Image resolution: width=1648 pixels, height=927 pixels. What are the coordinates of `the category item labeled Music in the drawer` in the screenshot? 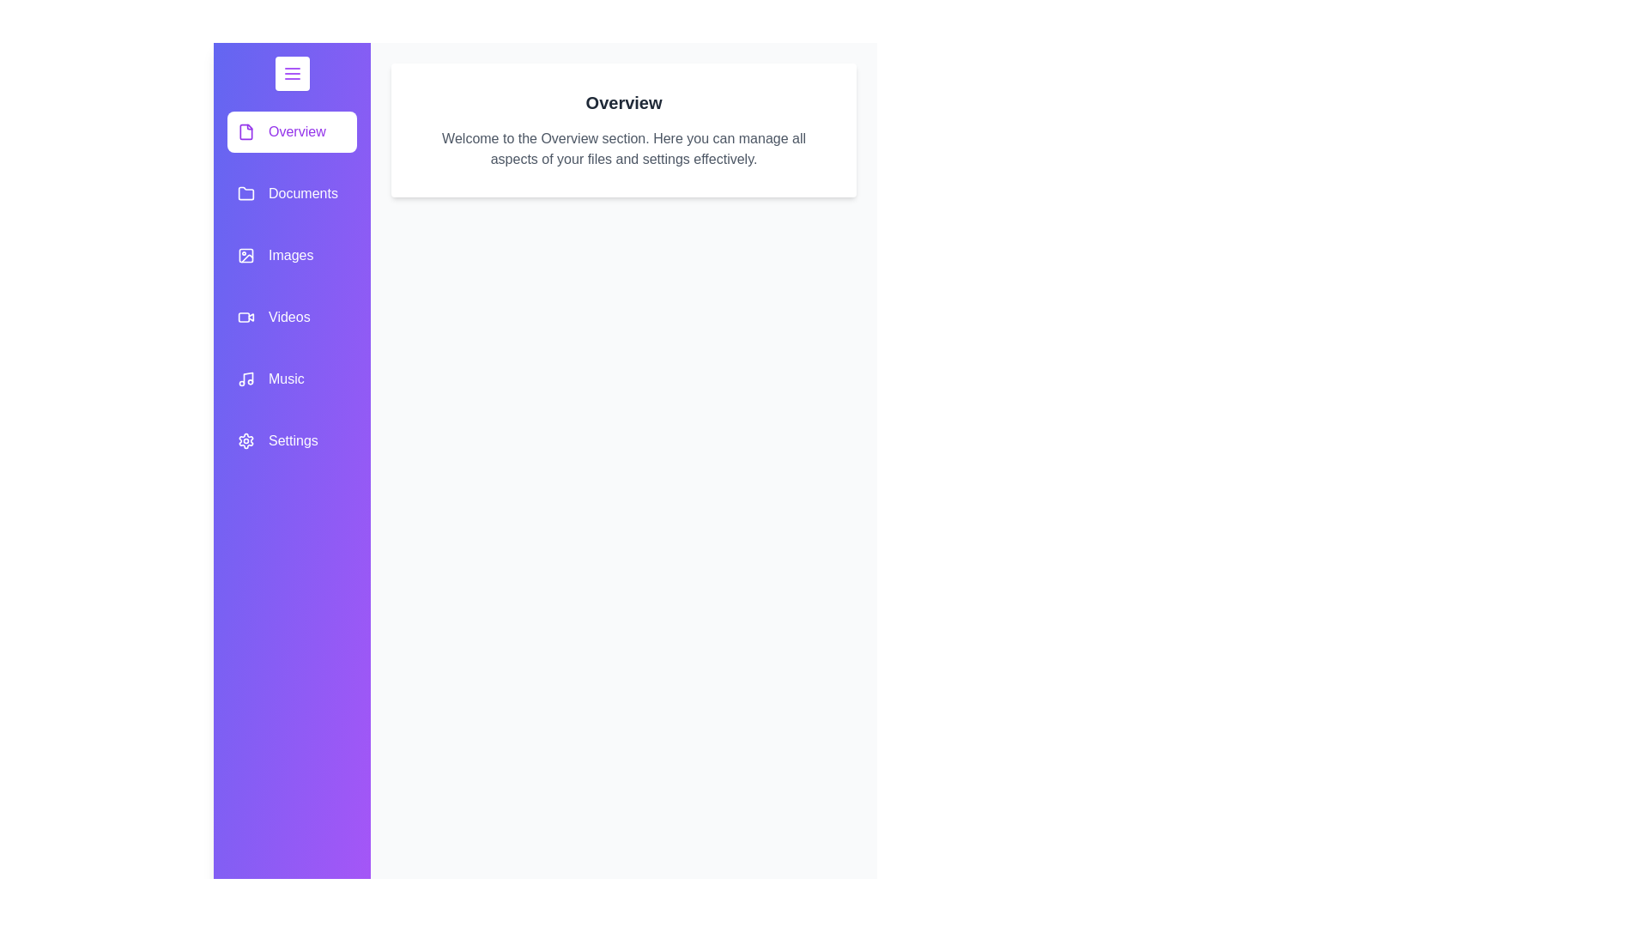 It's located at (292, 379).